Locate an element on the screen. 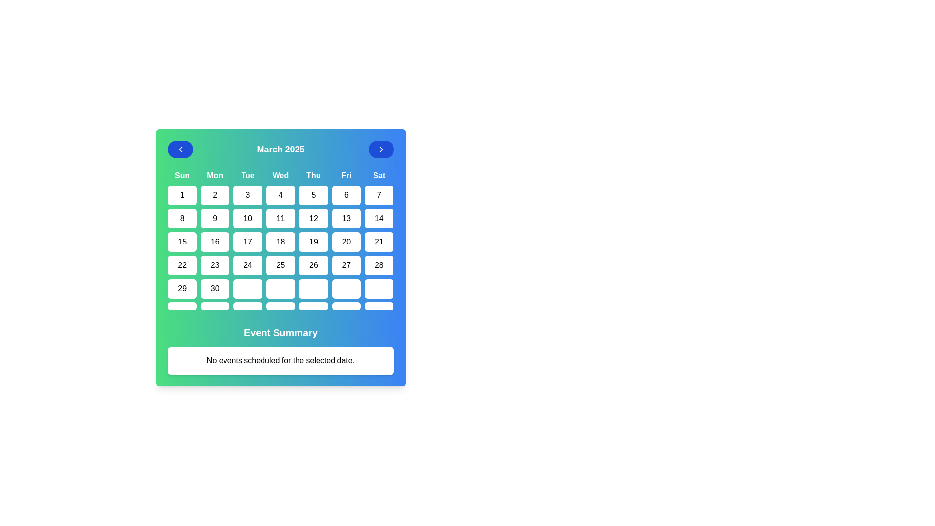 The width and height of the screenshot is (935, 526). the button representing the date '16' in the calendar is located at coordinates (214, 242).